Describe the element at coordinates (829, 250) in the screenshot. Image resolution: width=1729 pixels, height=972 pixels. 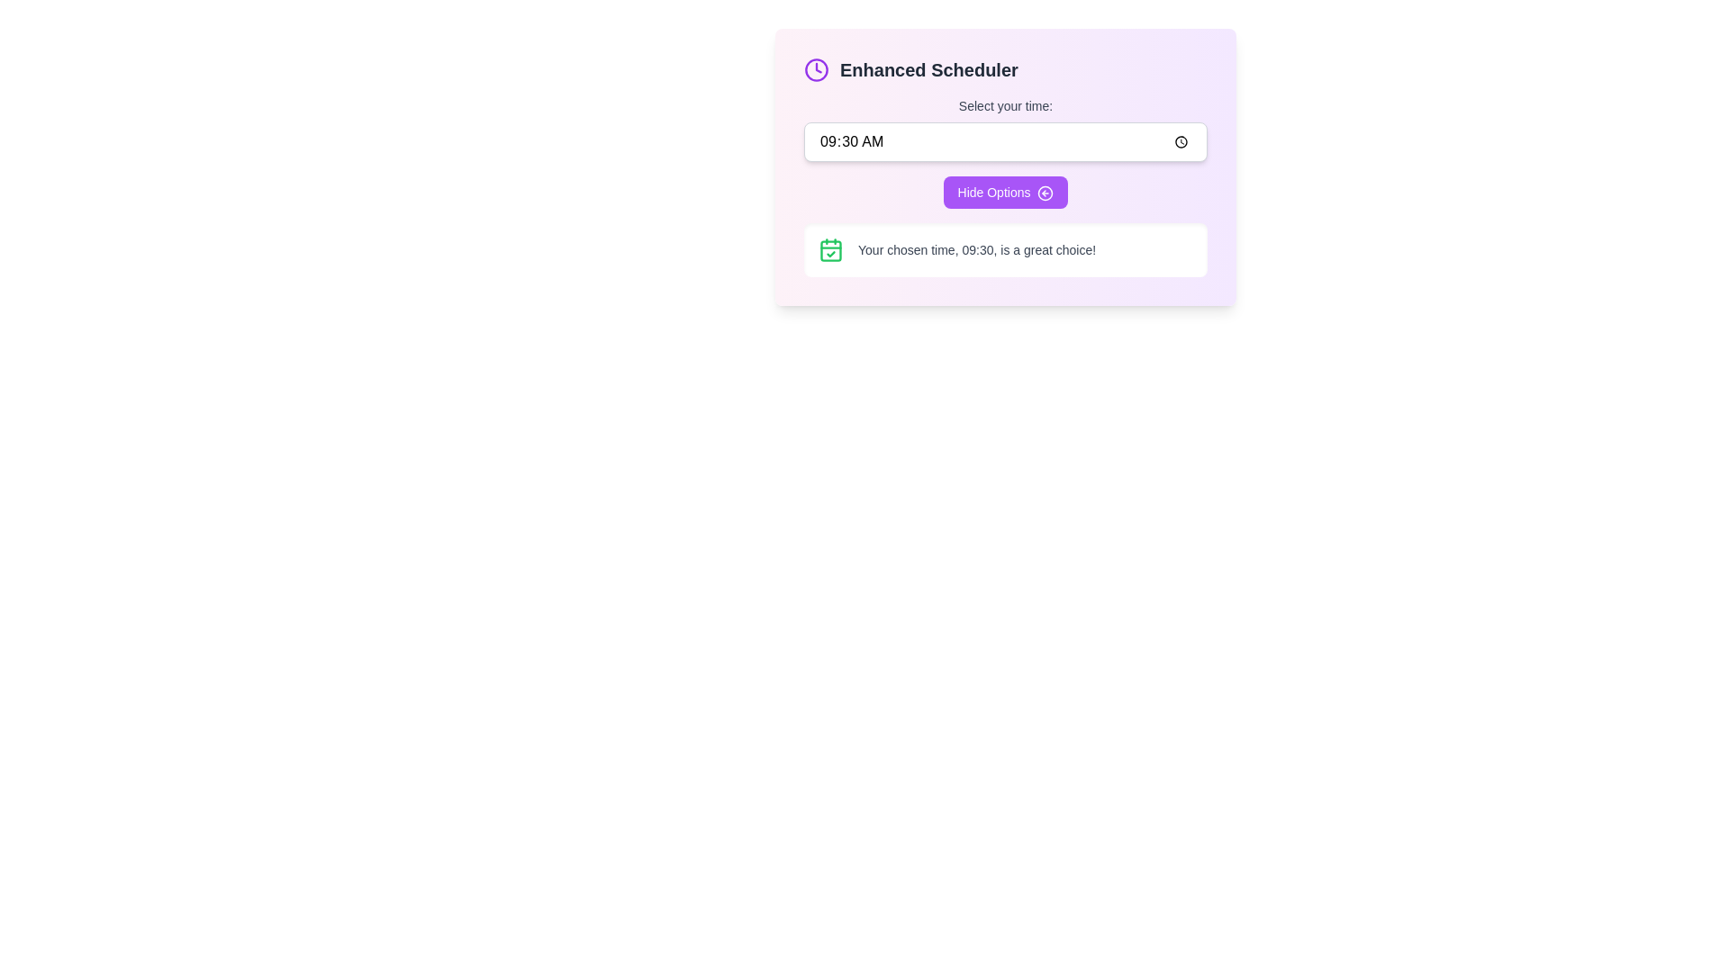
I see `the calendar icon with a check mark, which indicates a scheduled or selected date, located to the left of a text caption` at that location.